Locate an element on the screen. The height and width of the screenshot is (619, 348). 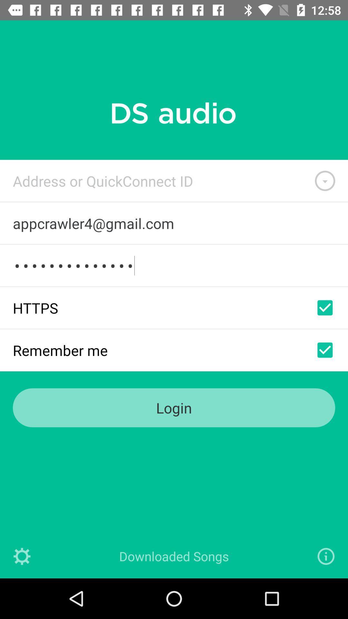
the info icon is located at coordinates (326, 556).